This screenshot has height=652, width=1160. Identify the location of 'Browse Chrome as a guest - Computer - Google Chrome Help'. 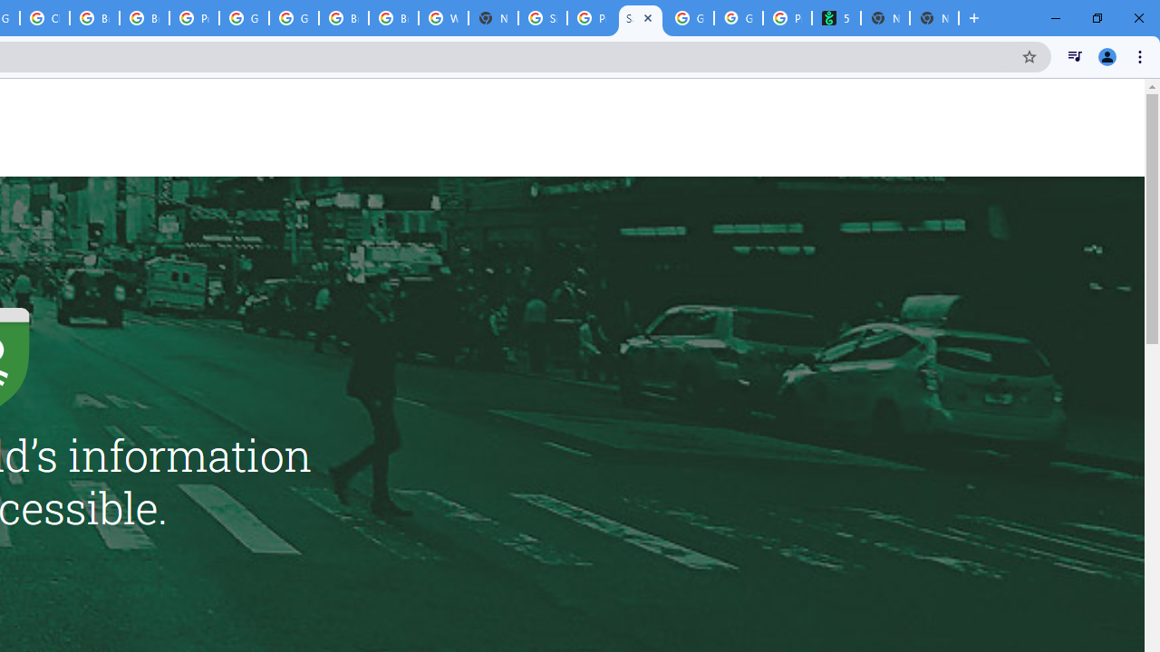
(343, 18).